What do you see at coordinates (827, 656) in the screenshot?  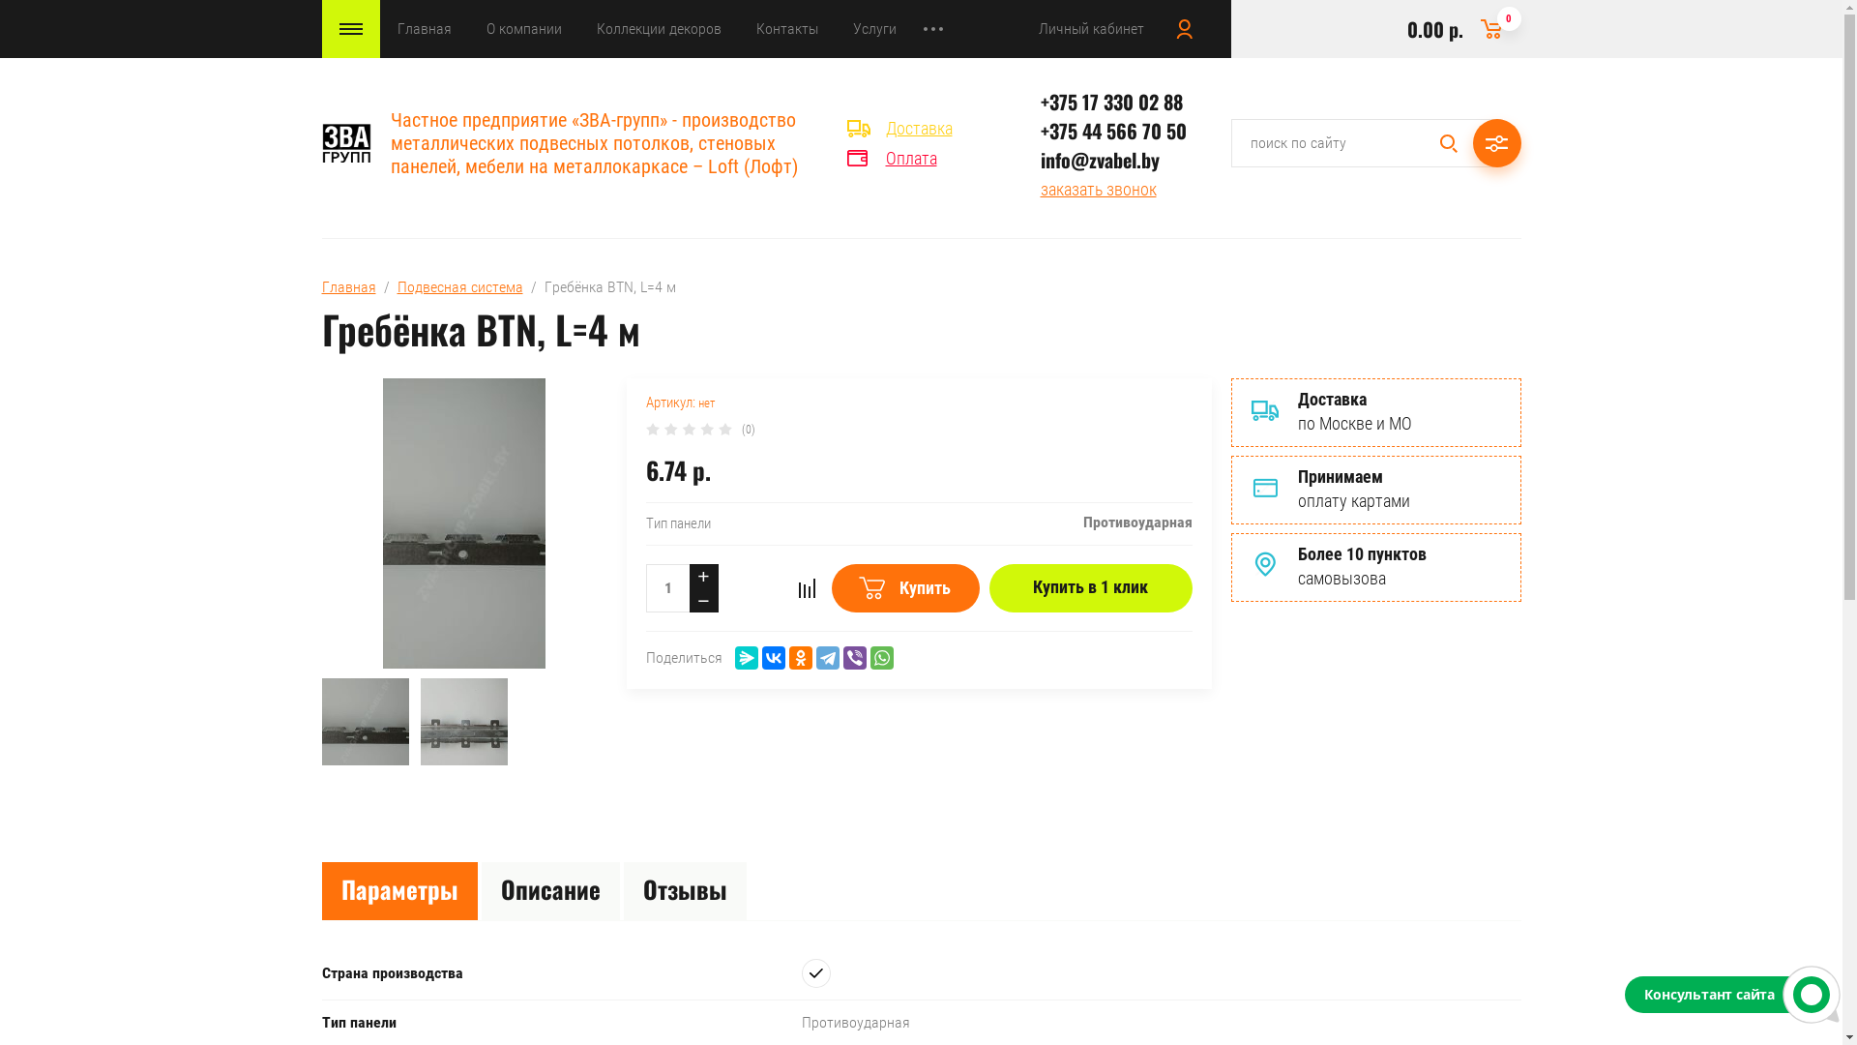 I see `'Telegram'` at bounding box center [827, 656].